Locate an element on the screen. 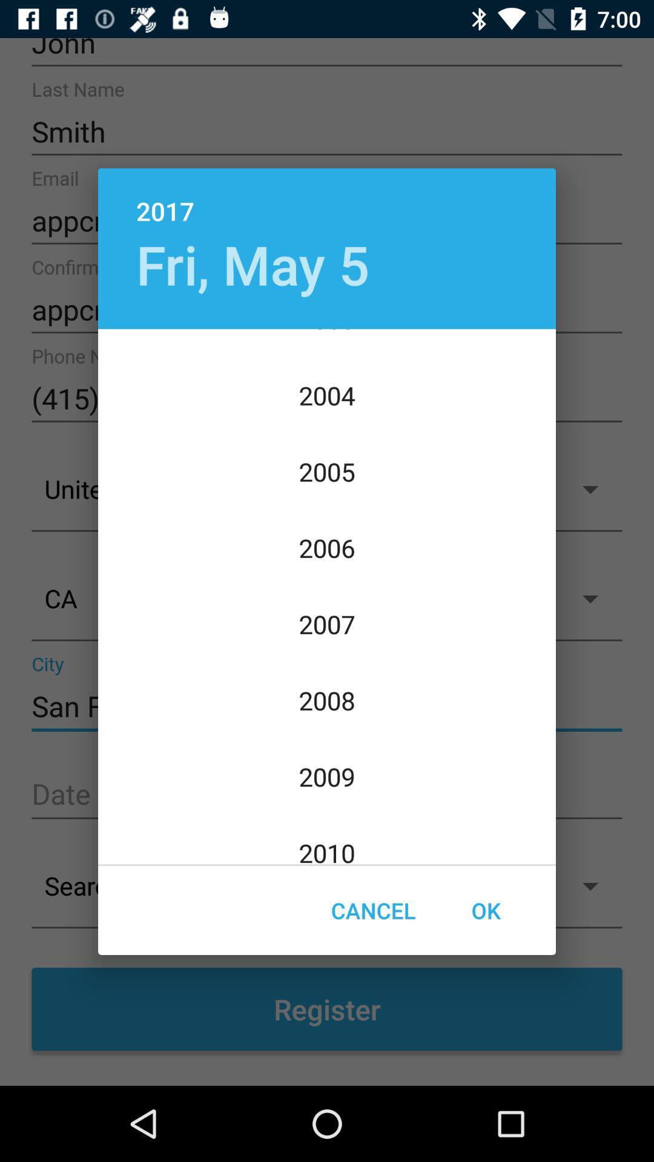 Image resolution: width=654 pixels, height=1162 pixels. the icon at the bottom right corner is located at coordinates (485, 910).